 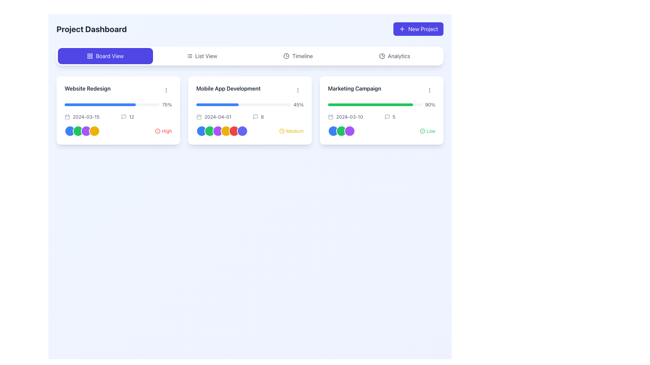 What do you see at coordinates (105, 55) in the screenshot?
I see `the 'Board View' button, which is a rectangular button with rounded corners, featuring a vibrant indigo background and white text, located just below the 'Project Dashboard' header` at bounding box center [105, 55].